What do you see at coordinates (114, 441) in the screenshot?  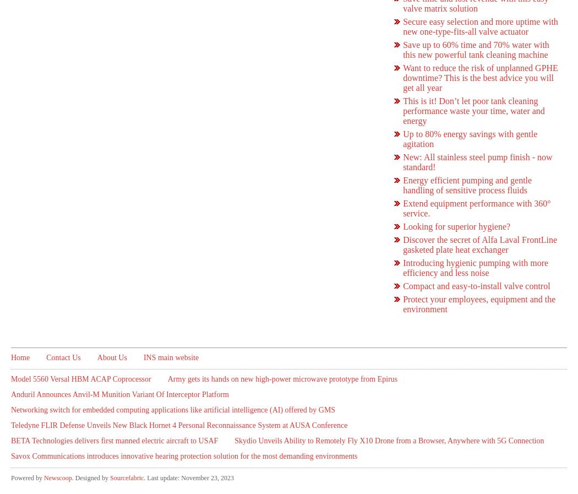 I see `'BETA Technologies delivers first manned electric aircraft to USAF'` at bounding box center [114, 441].